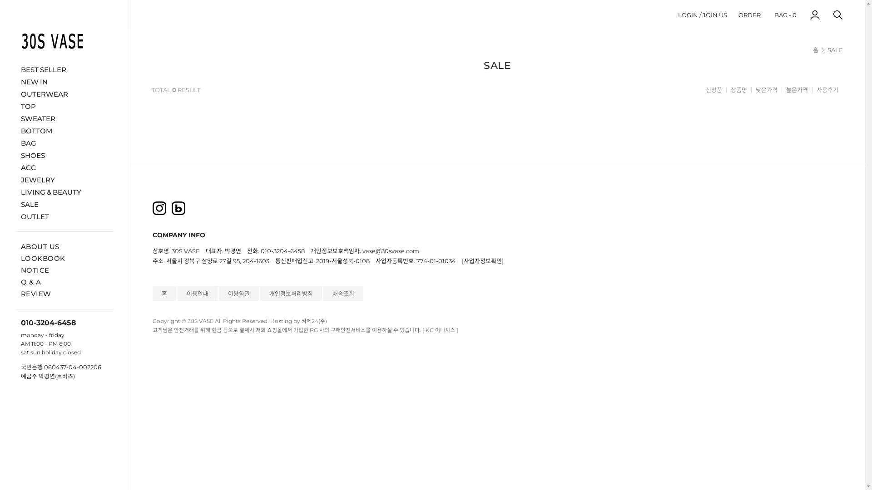  What do you see at coordinates (678, 15) in the screenshot?
I see `'LOGIN'` at bounding box center [678, 15].